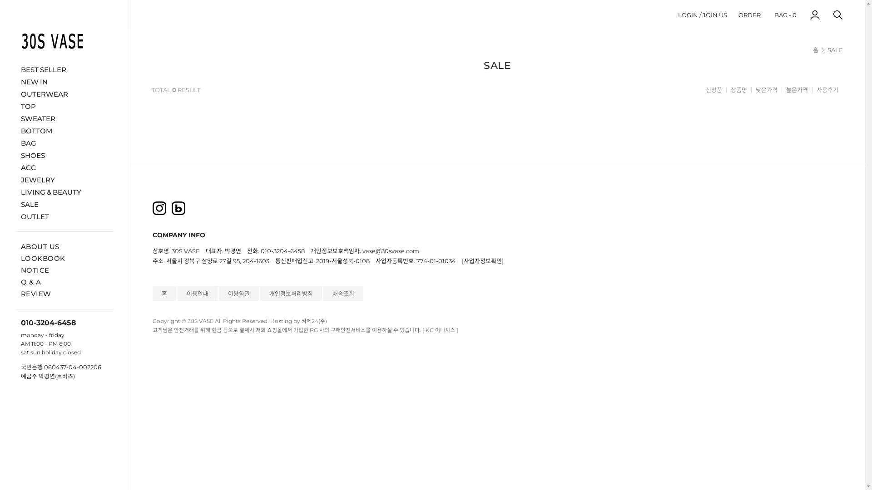  What do you see at coordinates (678, 15) in the screenshot?
I see `'LOGIN'` at bounding box center [678, 15].